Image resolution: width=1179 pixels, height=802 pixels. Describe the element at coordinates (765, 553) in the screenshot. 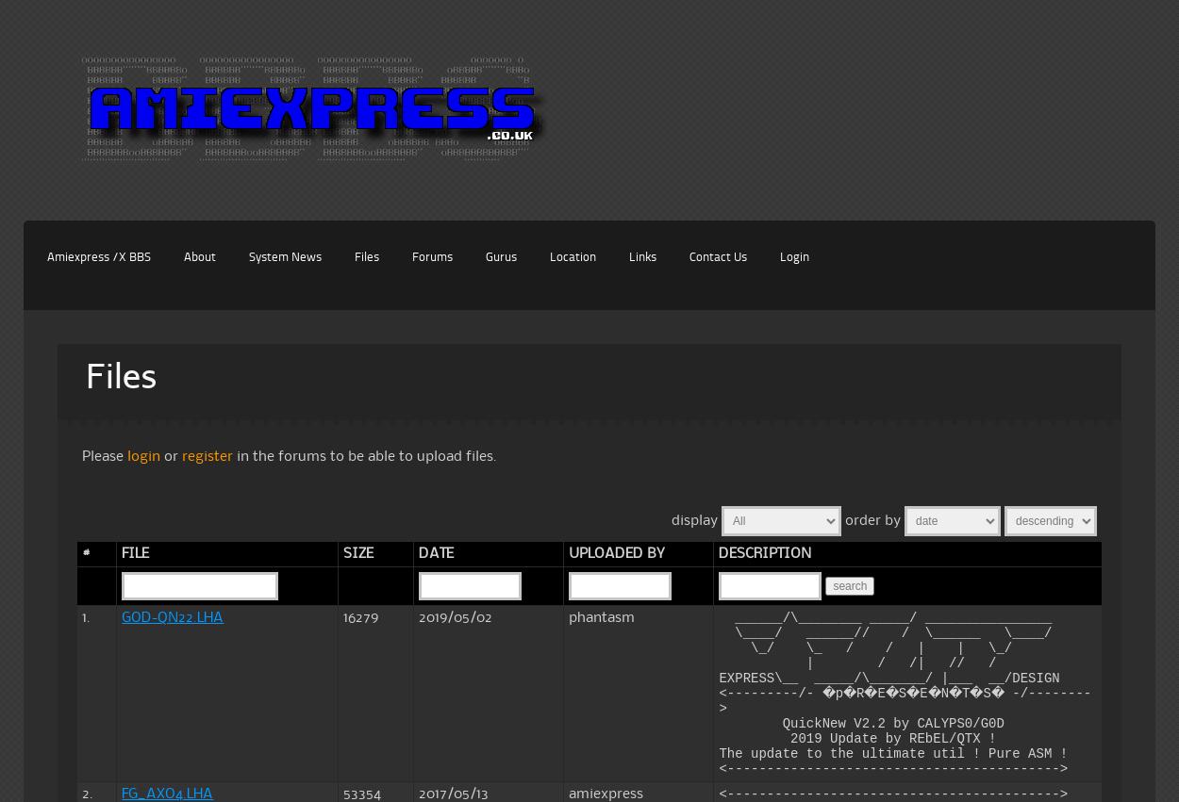

I see `'Description'` at that location.